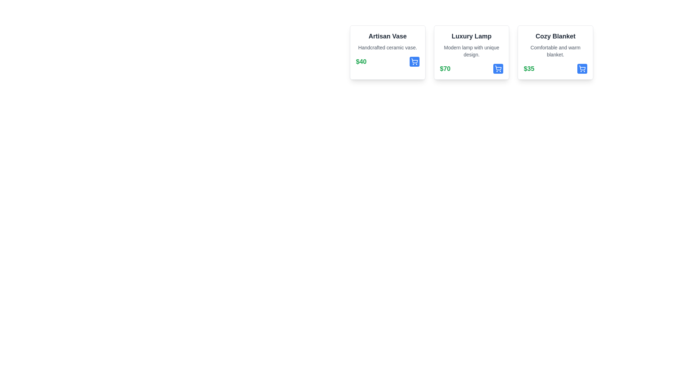 The height and width of the screenshot is (381, 678). I want to click on the central portion of the medium-blue outlined shopping cart icon in the 'Cozy Blanket' product card, so click(582, 68).